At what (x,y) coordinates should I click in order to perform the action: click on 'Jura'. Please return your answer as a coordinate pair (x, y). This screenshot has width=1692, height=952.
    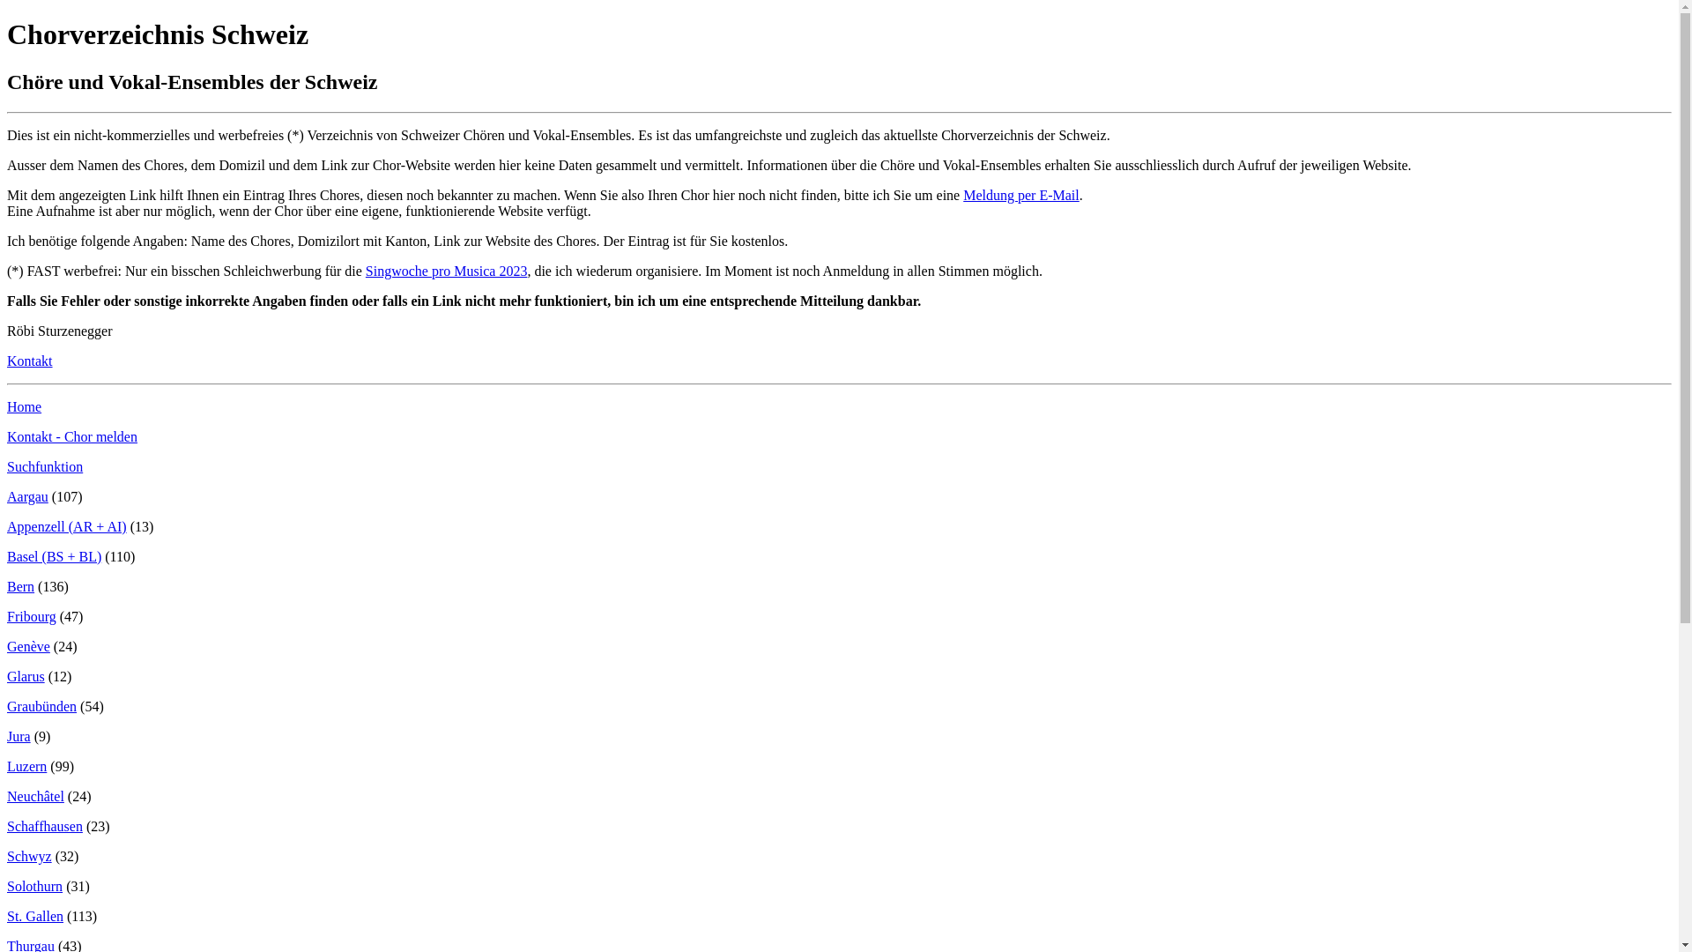
    Looking at the image, I should click on (19, 736).